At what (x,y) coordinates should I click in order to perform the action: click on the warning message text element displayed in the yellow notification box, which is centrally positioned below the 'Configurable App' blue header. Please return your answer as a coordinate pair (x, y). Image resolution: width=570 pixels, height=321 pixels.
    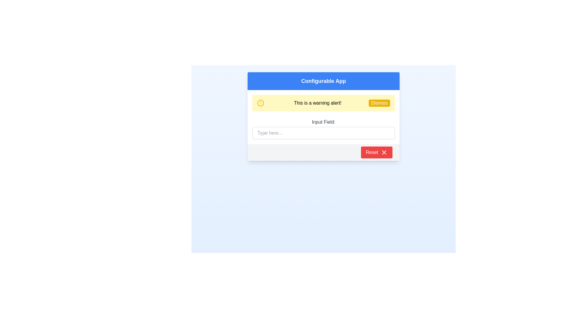
    Looking at the image, I should click on (317, 103).